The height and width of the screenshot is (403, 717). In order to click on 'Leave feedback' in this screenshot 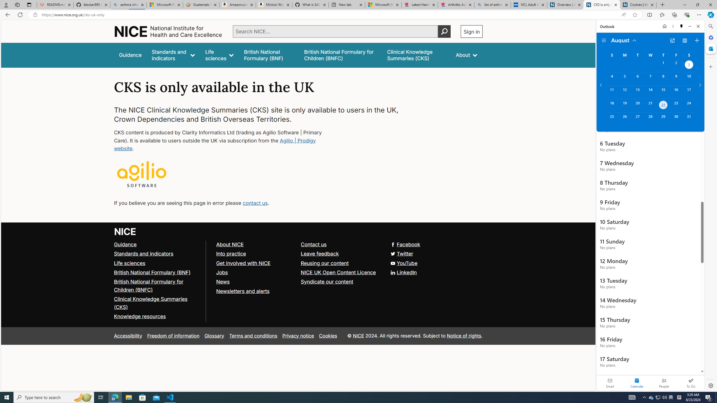, I will do `click(320, 254)`.